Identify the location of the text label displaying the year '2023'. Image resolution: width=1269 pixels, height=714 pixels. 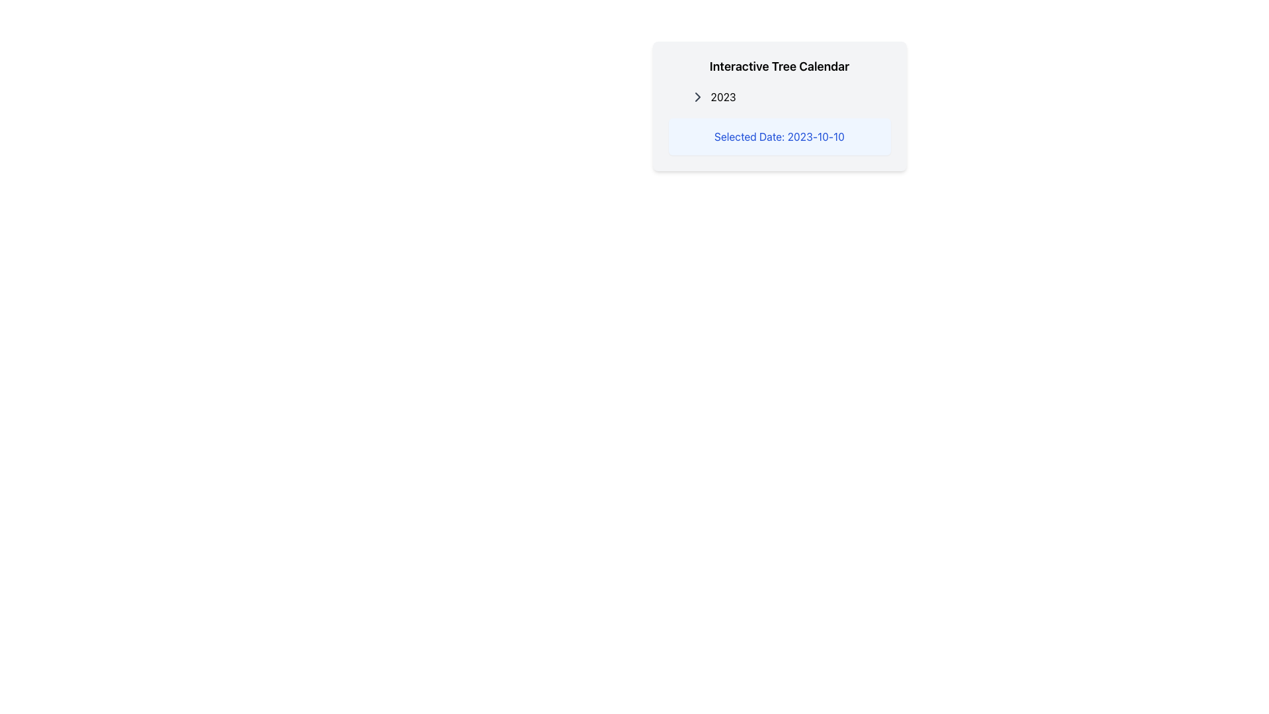
(722, 96).